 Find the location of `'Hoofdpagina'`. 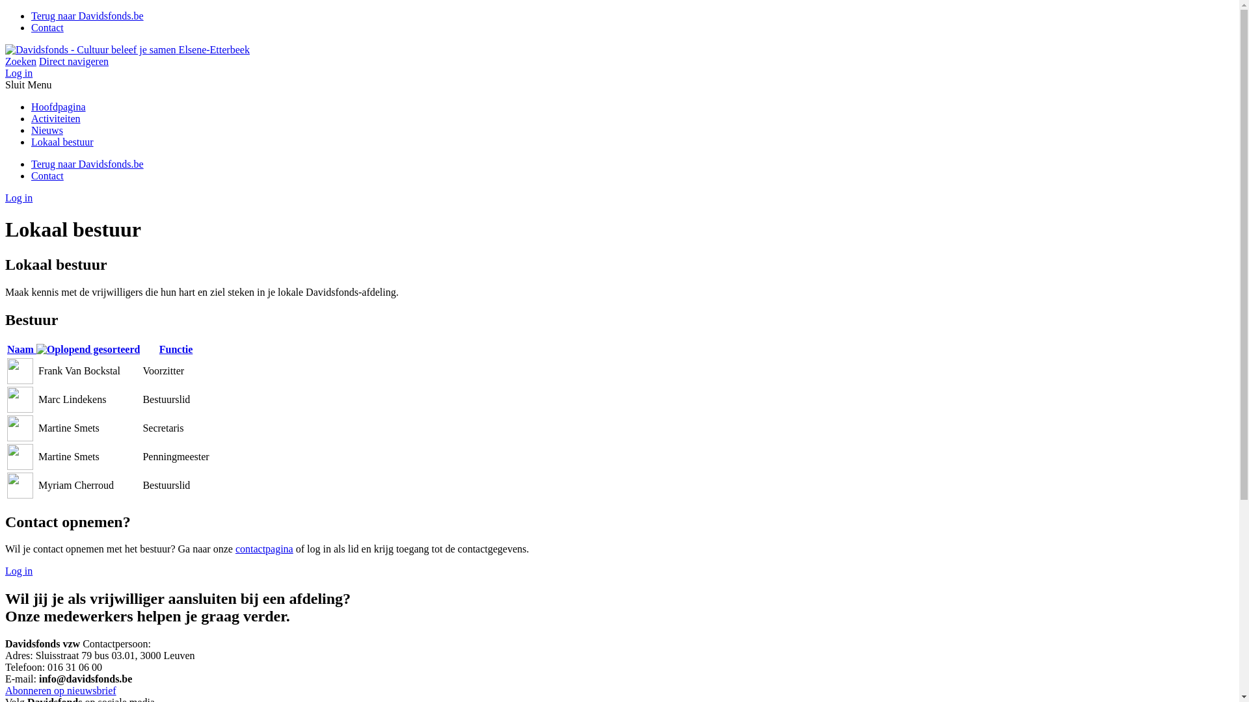

'Hoofdpagina' is located at coordinates (58, 106).